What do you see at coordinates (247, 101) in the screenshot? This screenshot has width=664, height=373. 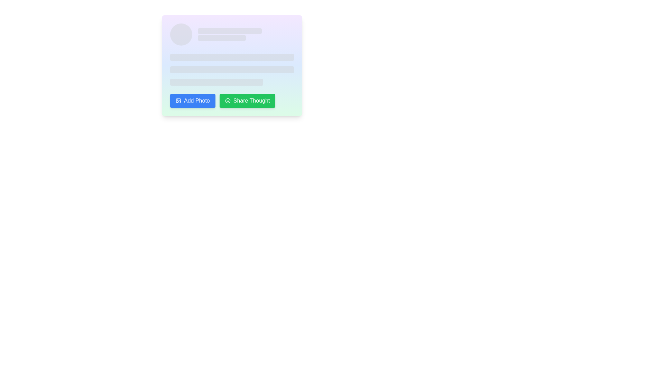 I see `the 'Share Thought' button, which has a green background, white text, and a smiley face icon` at bounding box center [247, 101].